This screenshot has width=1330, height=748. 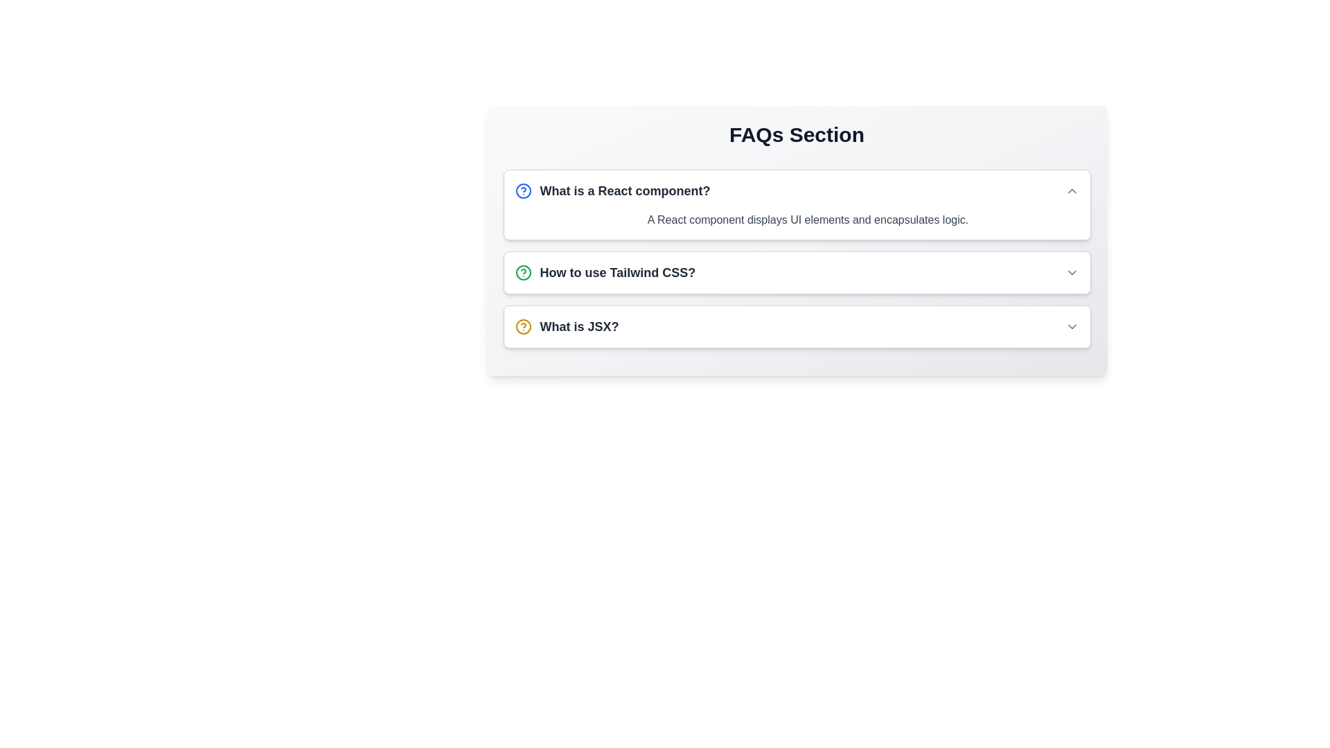 What do you see at coordinates (1071, 191) in the screenshot?
I see `the chevron-up icon located at the rightmost part of the FAQ entry titled 'What is a React component?'` at bounding box center [1071, 191].